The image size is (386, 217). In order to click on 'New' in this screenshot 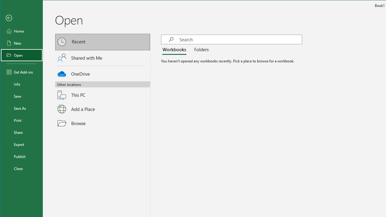, I will do `click(22, 42)`.